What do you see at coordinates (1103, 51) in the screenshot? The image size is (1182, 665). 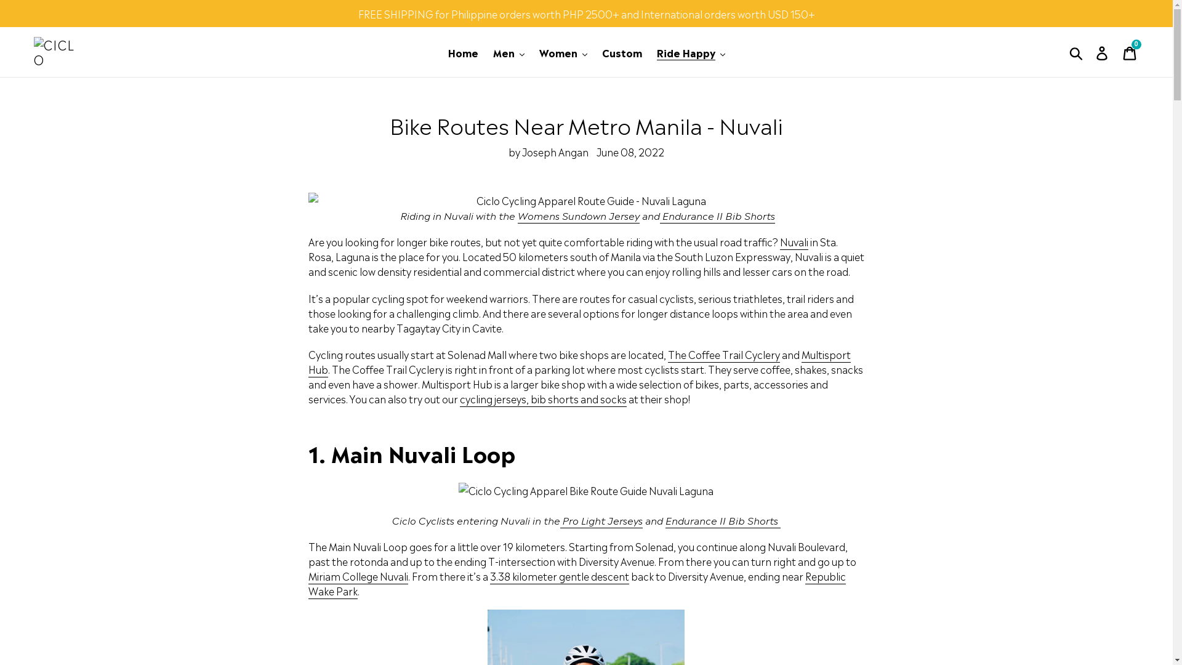 I see `'Log in'` at bounding box center [1103, 51].